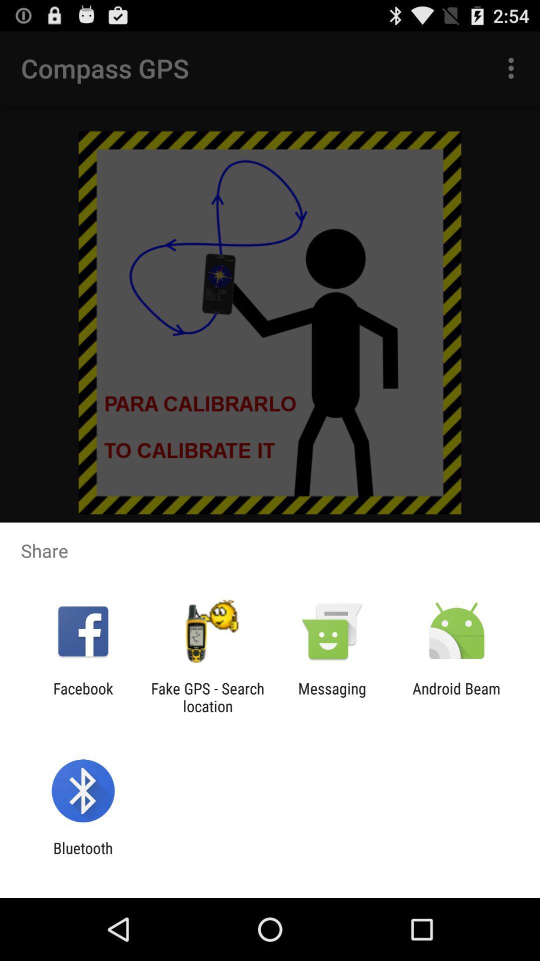 Image resolution: width=540 pixels, height=961 pixels. I want to click on the android beam, so click(456, 697).